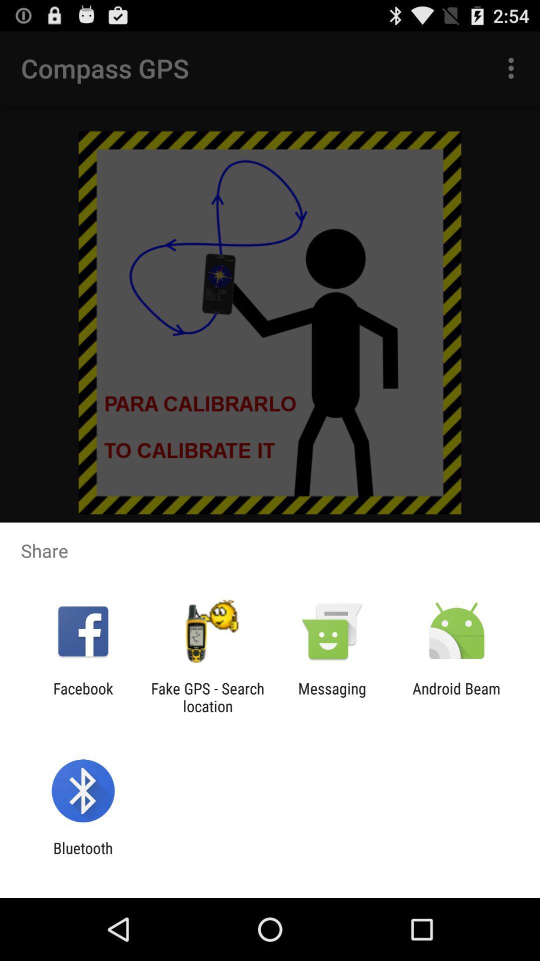 Image resolution: width=540 pixels, height=961 pixels. I want to click on the android beam, so click(456, 697).